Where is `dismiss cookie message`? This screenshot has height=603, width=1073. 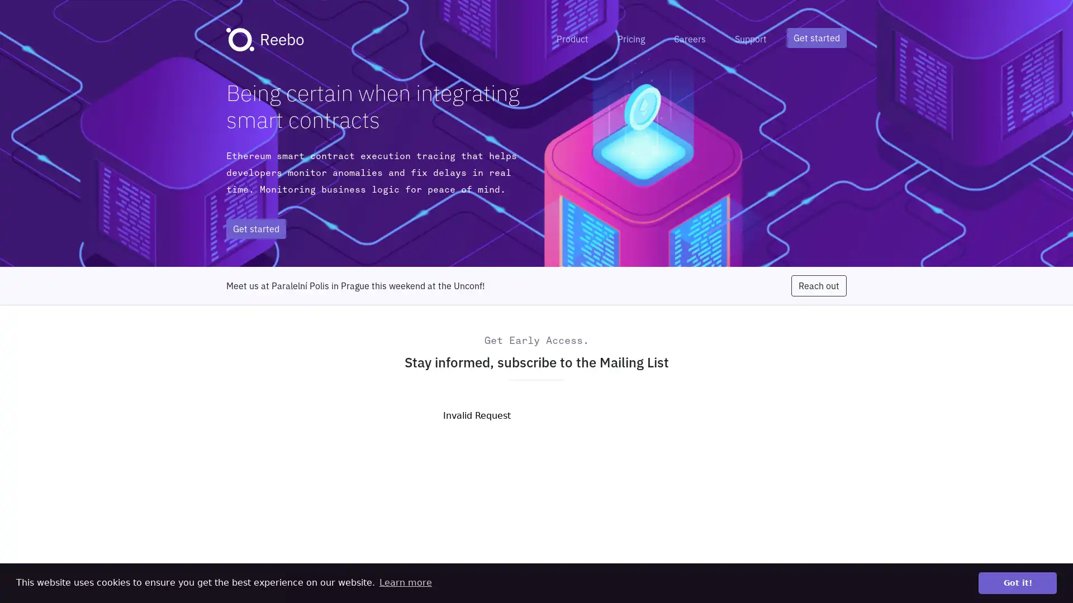 dismiss cookie message is located at coordinates (1017, 582).